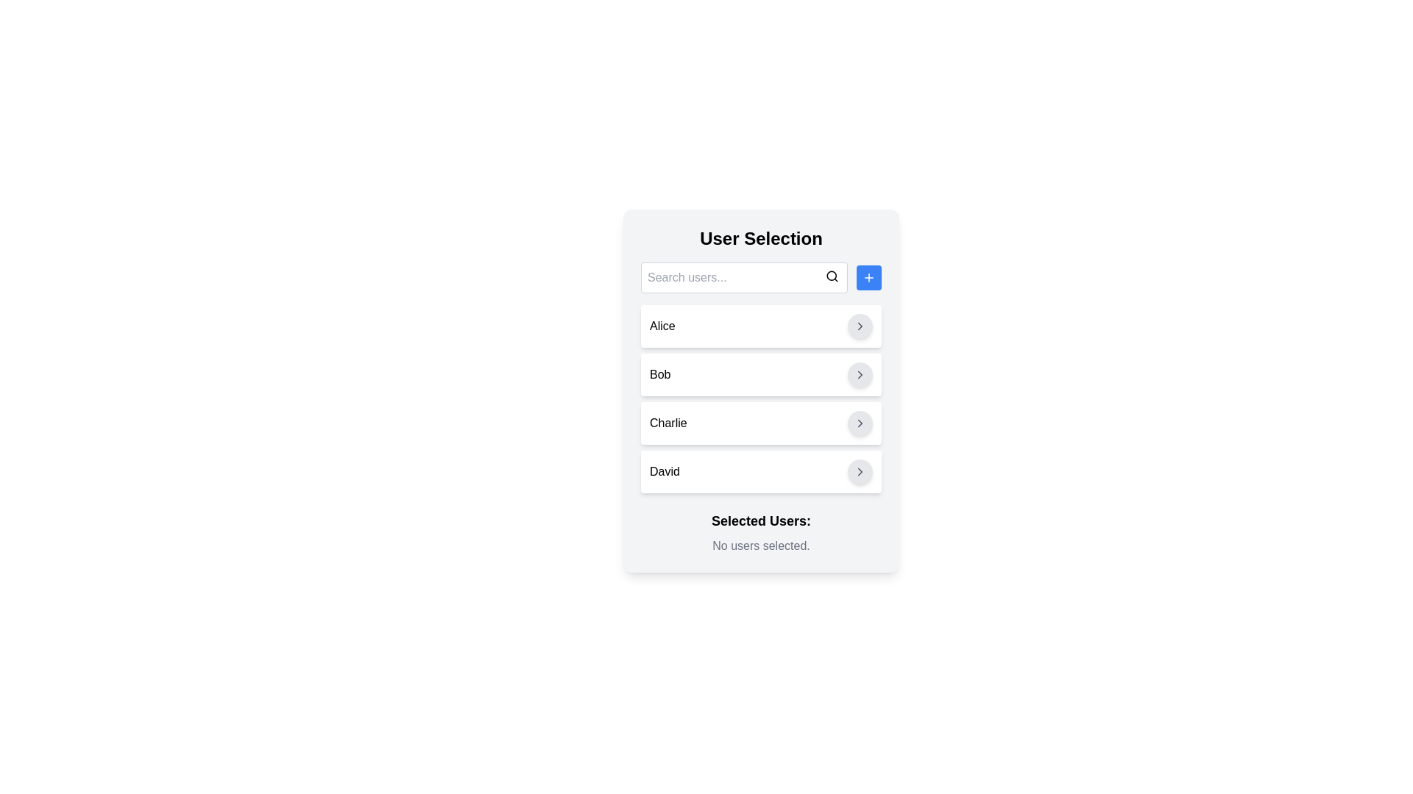 This screenshot has width=1413, height=794. What do you see at coordinates (860, 373) in the screenshot?
I see `the navigation button located in the bottom-right corner of the 'Bob' selection card` at bounding box center [860, 373].